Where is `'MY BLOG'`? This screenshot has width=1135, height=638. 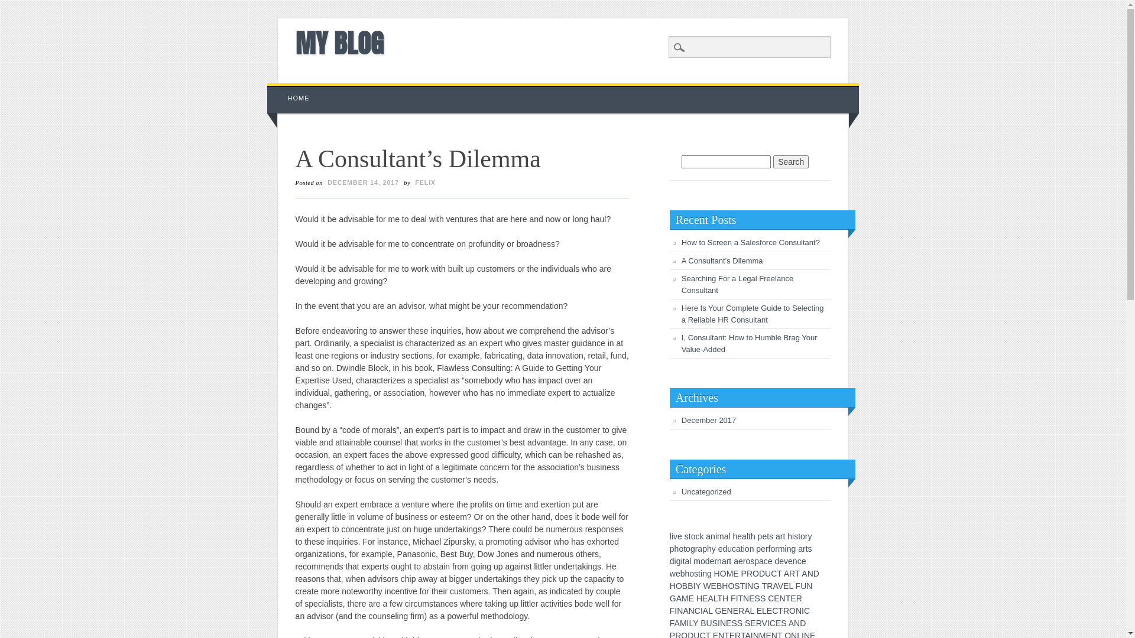
'MY BLOG' is located at coordinates (339, 43).